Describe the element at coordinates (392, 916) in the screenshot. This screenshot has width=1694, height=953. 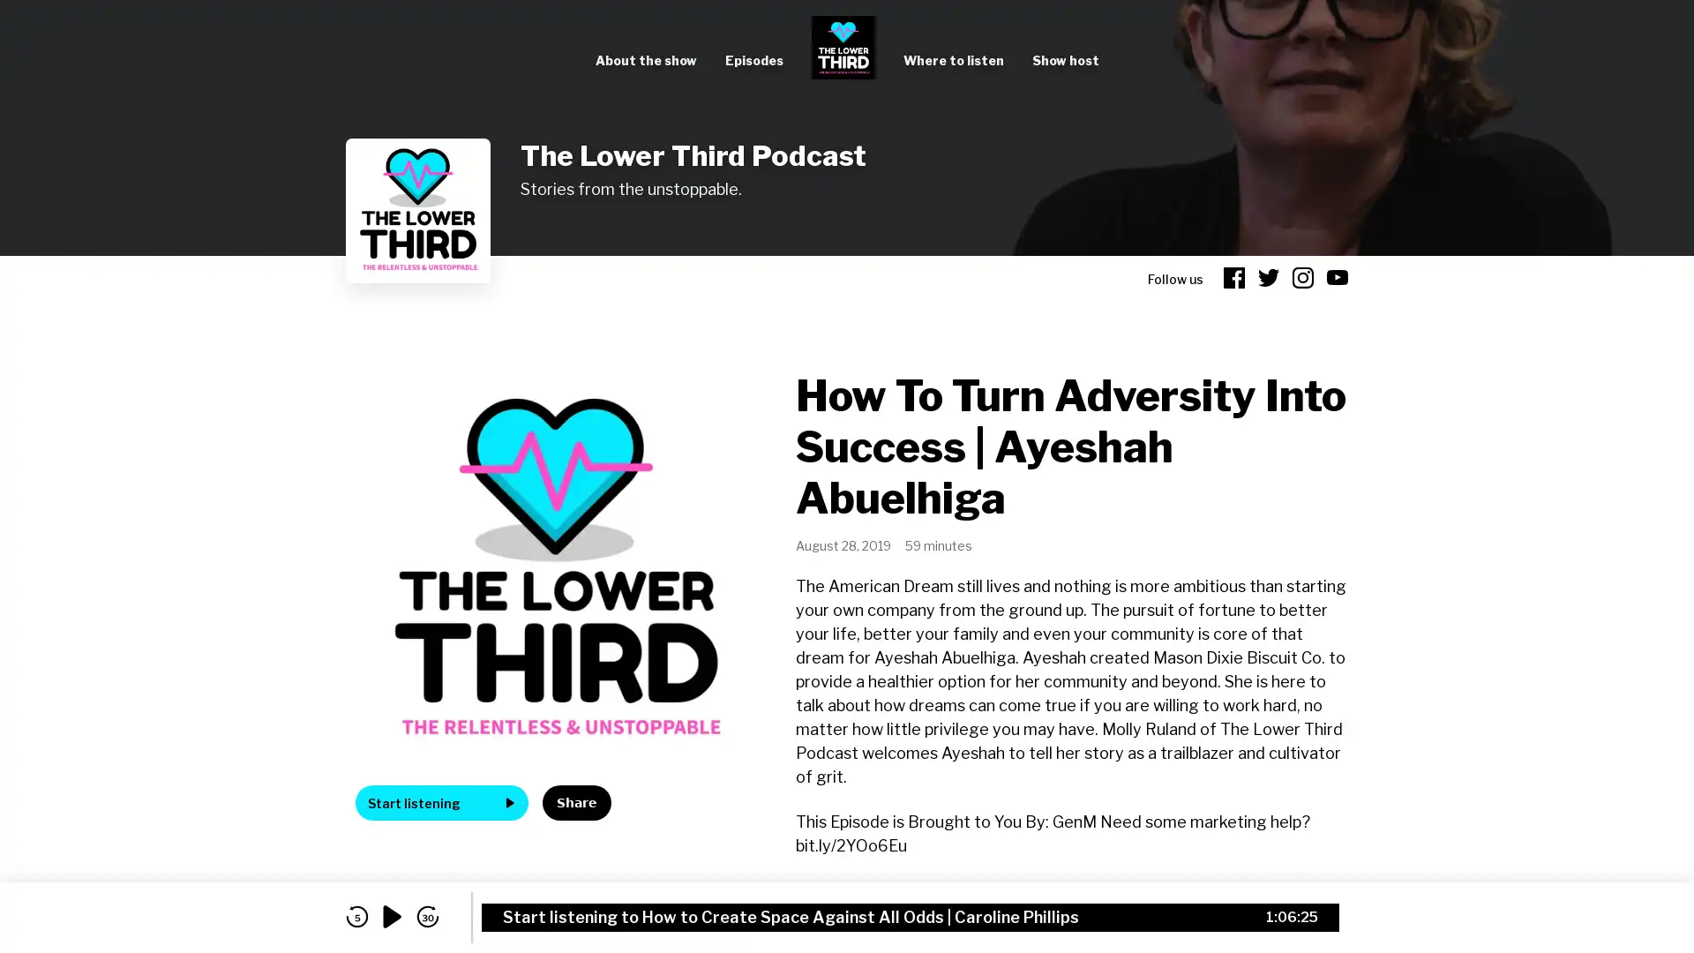
I see `play audio` at that location.